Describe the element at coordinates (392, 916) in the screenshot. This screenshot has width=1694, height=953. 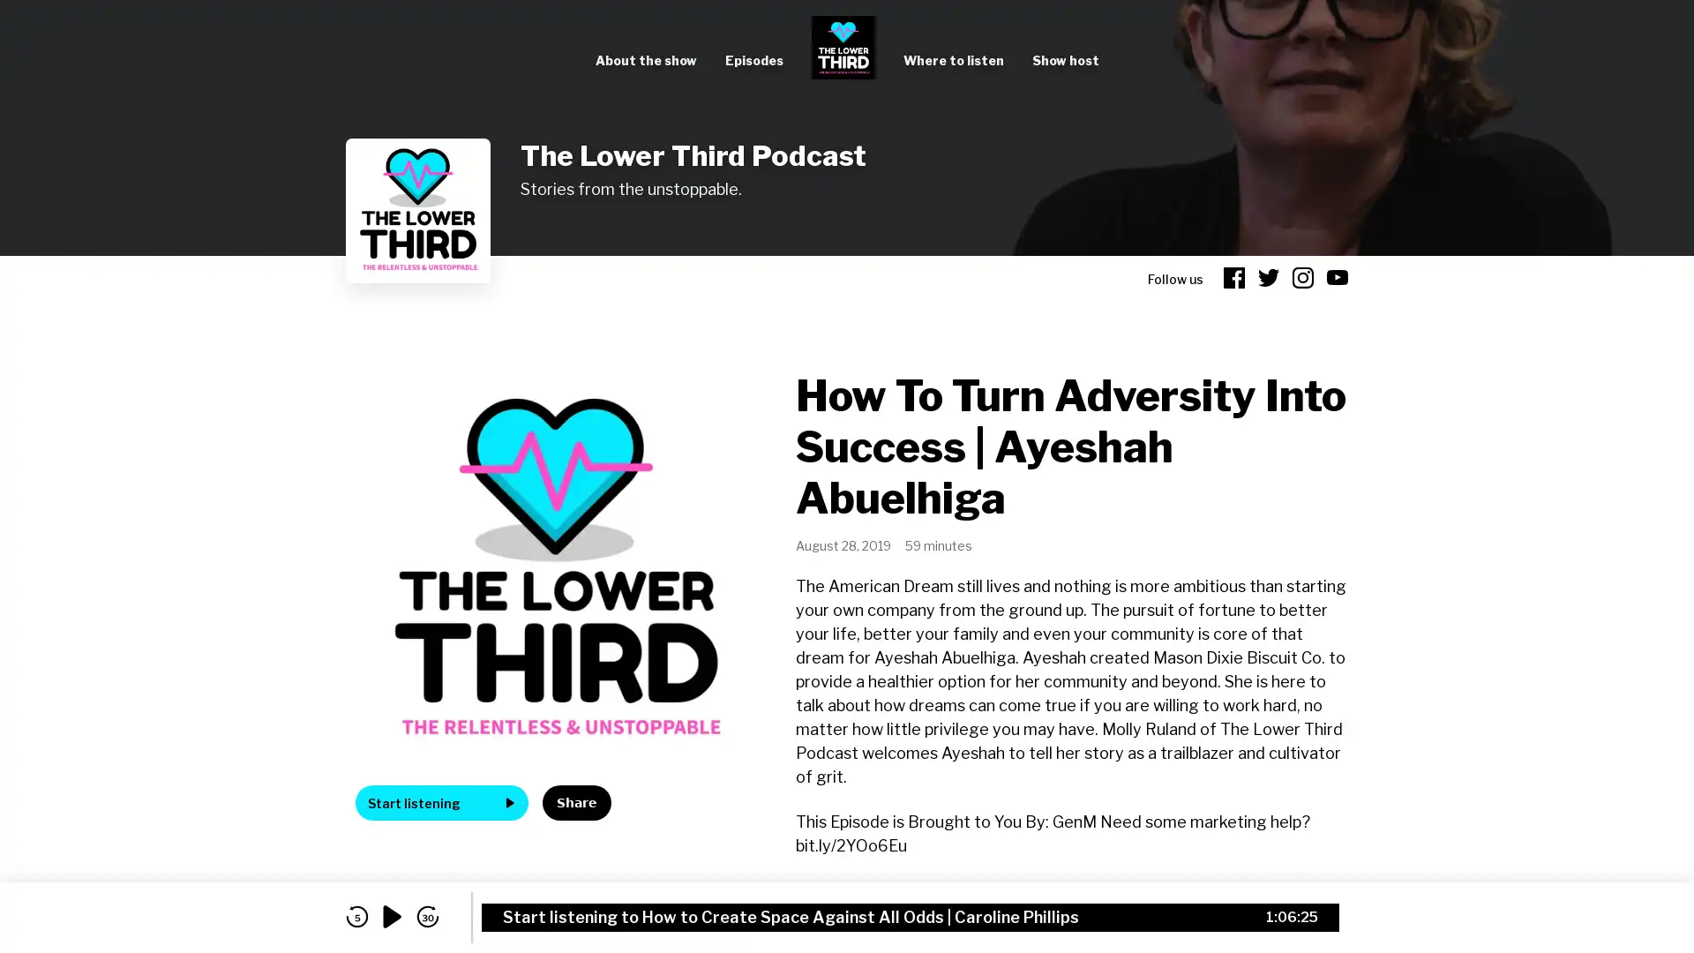
I see `play audio` at that location.